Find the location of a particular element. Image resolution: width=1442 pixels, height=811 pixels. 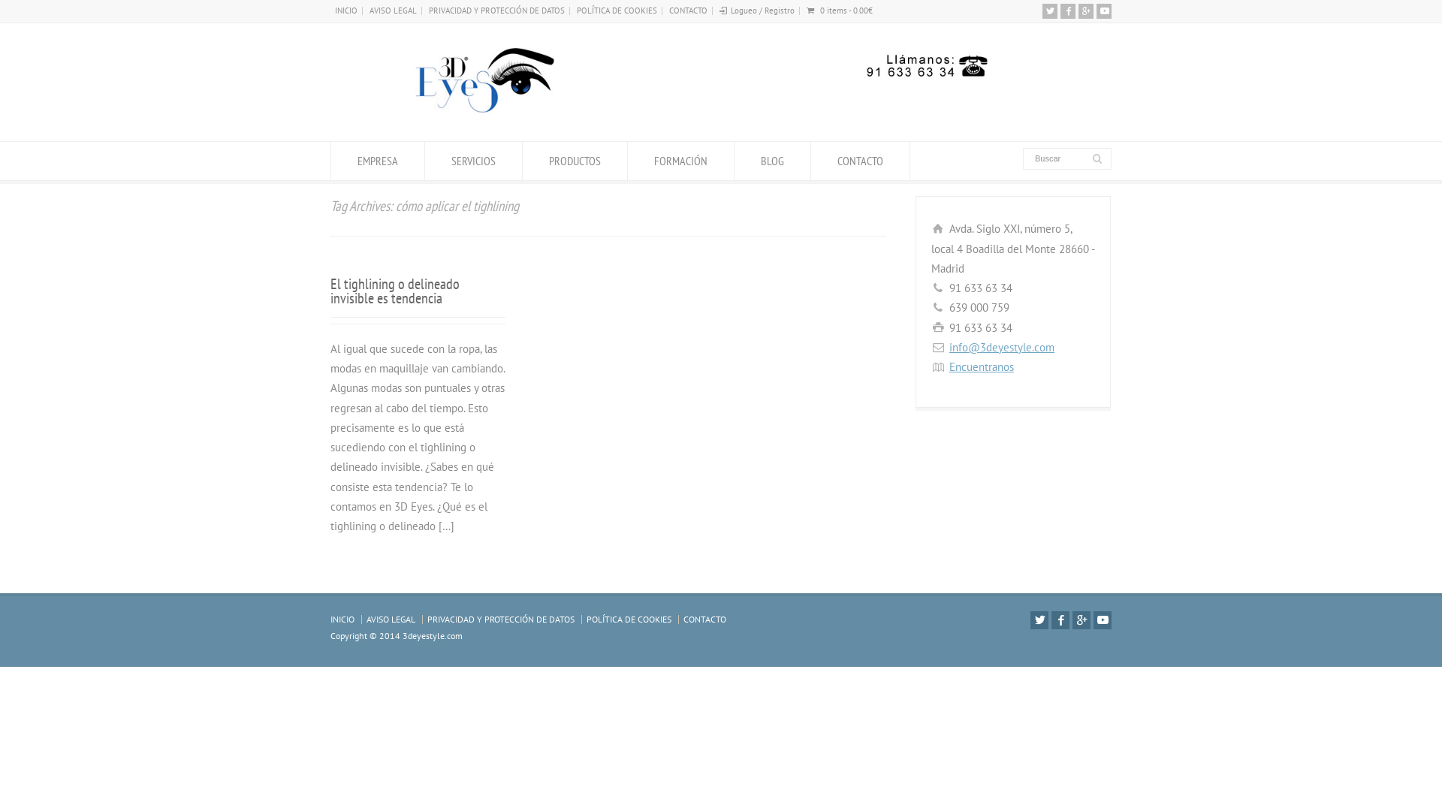

'PRODUCTOS' is located at coordinates (574, 161).